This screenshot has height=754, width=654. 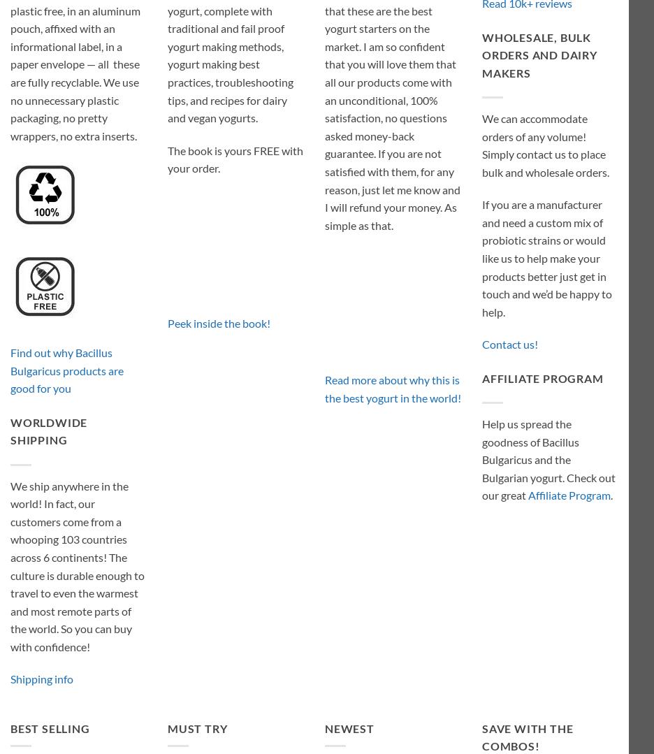 I want to click on 'If you are a manufacturer and need a custom mix of probiotic strains or would like us to help make your products better just get in touch and we’d be happy to help.', so click(x=546, y=258).